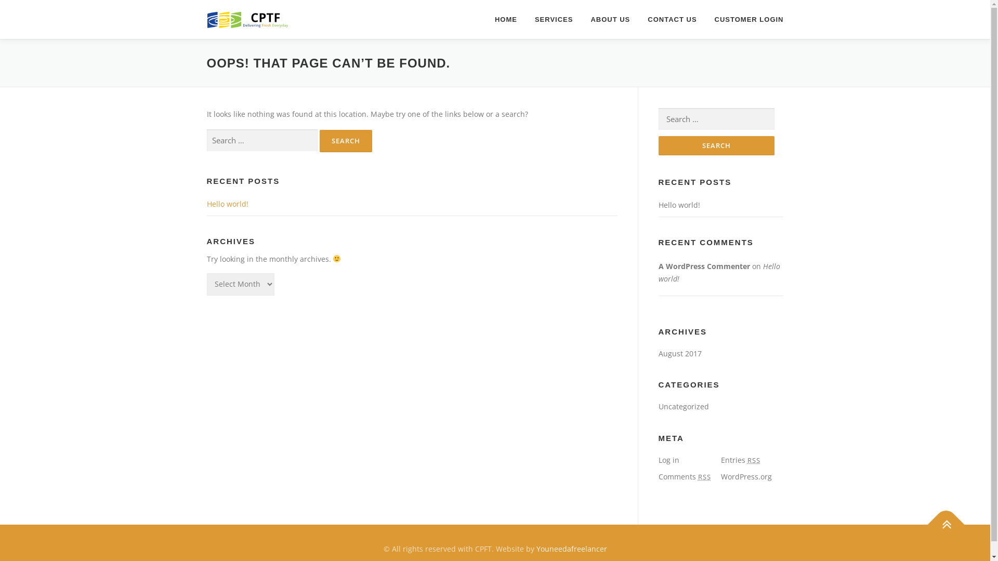 The image size is (998, 561). What do you see at coordinates (745, 476) in the screenshot?
I see `'WordPress.org'` at bounding box center [745, 476].